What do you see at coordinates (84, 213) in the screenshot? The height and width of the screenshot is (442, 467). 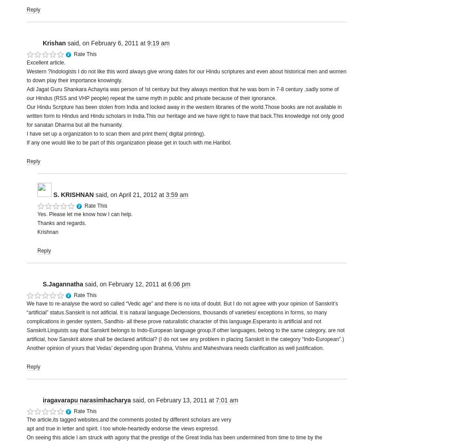 I see `'Yes. Please let me know how I can help.'` at bounding box center [84, 213].